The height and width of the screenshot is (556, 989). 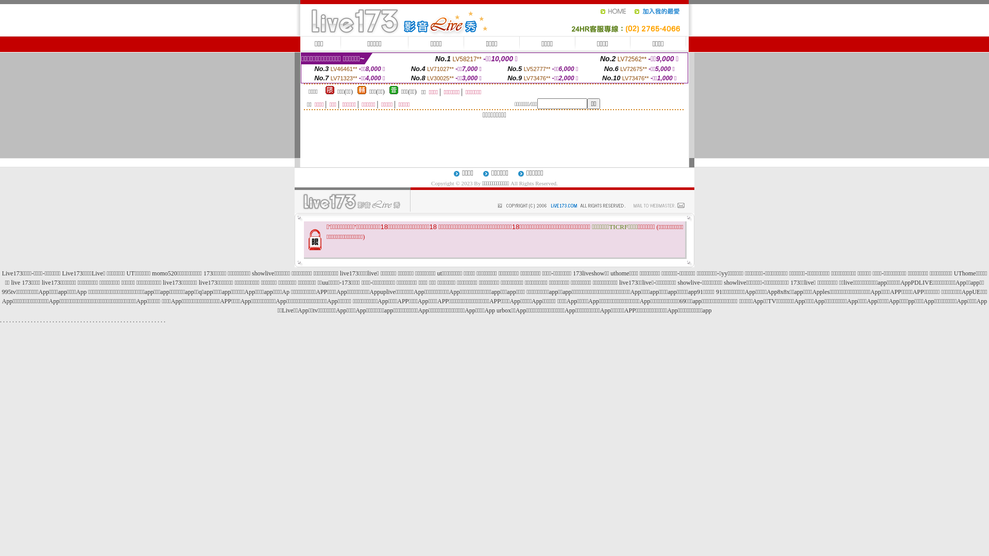 What do you see at coordinates (160, 319) in the screenshot?
I see `'.'` at bounding box center [160, 319].